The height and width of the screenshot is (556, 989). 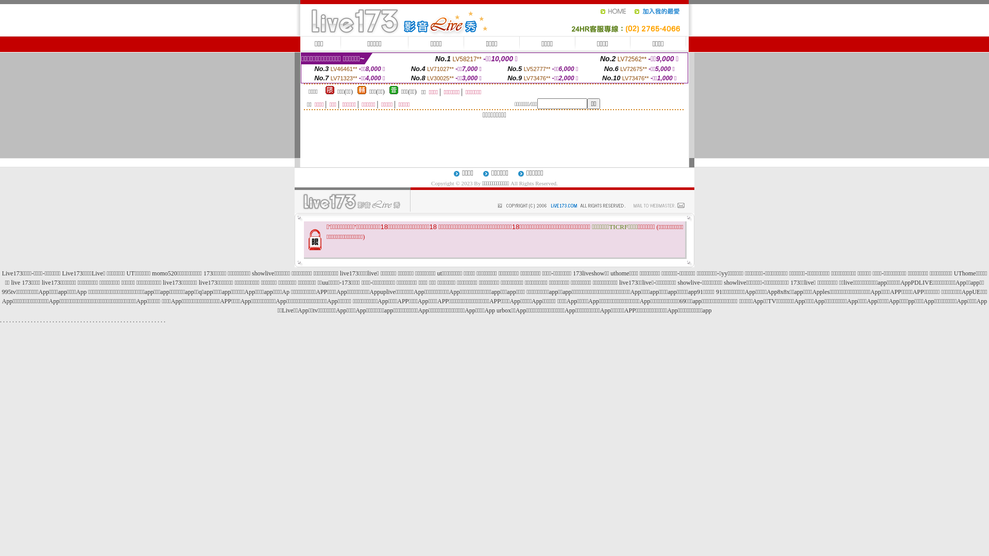 What do you see at coordinates (160, 319) in the screenshot?
I see `'.'` at bounding box center [160, 319].